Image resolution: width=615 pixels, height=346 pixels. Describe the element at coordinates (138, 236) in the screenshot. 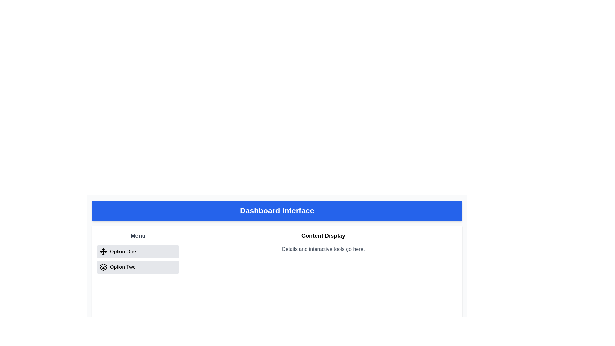

I see `the non-interactive label at the top of the sidebar that indicates the section's purpose` at that location.